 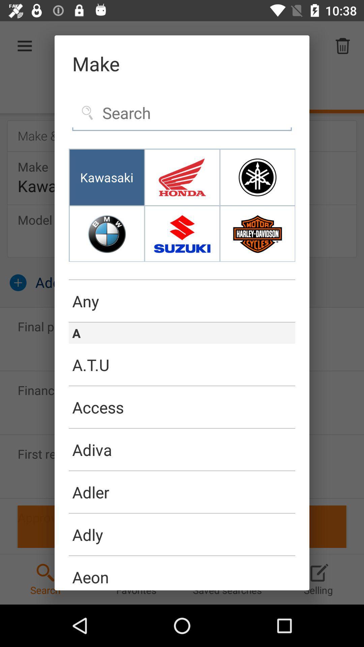 I want to click on the icon above a item, so click(x=182, y=322).